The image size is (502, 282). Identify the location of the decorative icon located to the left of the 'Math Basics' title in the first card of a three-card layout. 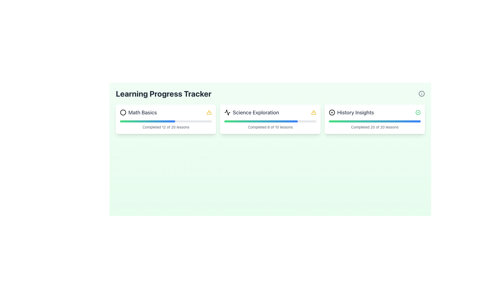
(123, 112).